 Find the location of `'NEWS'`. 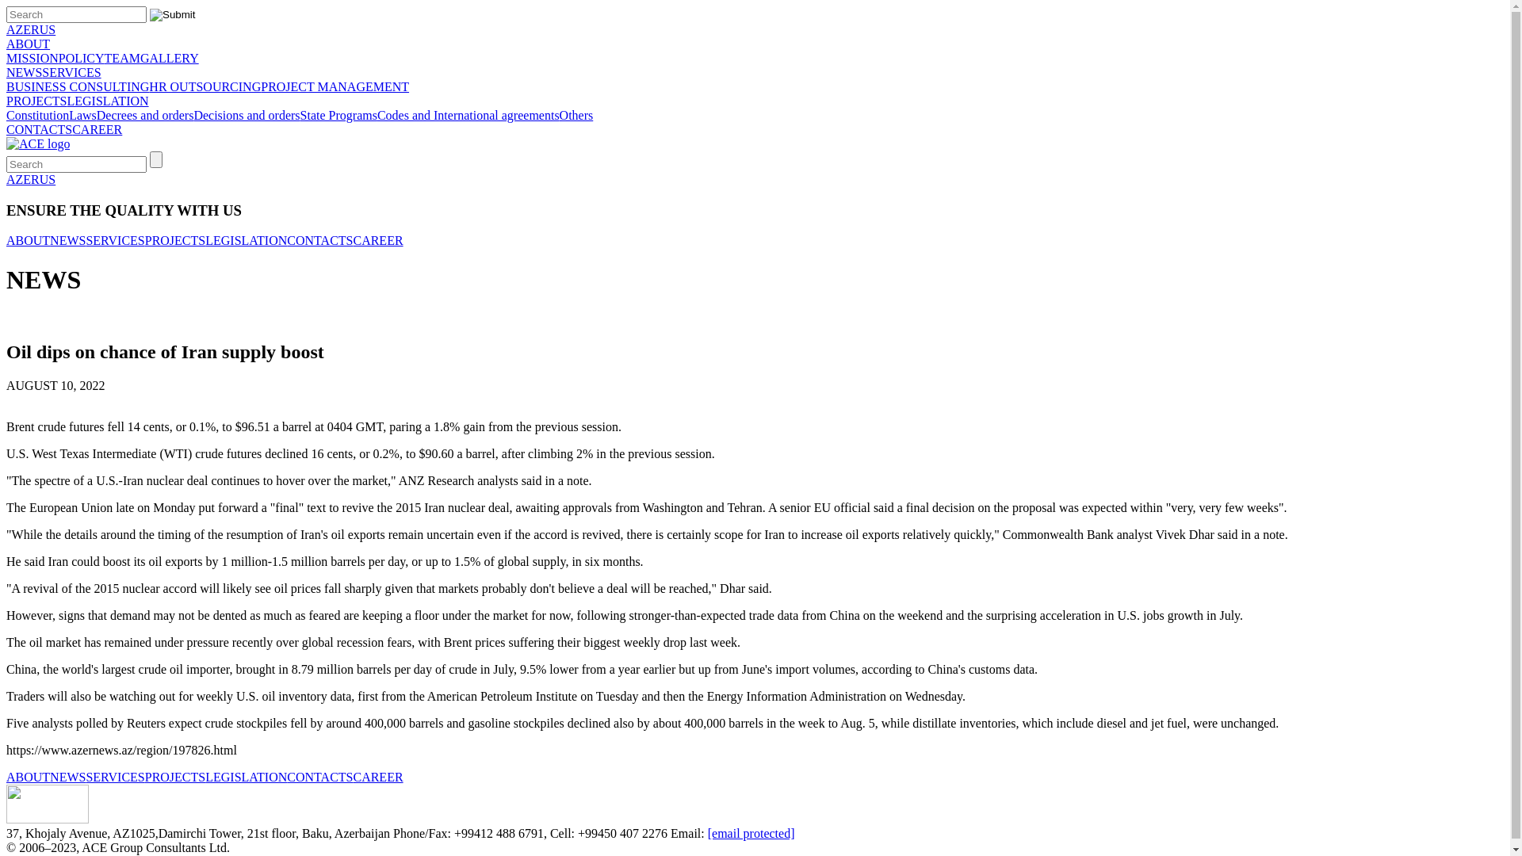

'NEWS' is located at coordinates (24, 72).